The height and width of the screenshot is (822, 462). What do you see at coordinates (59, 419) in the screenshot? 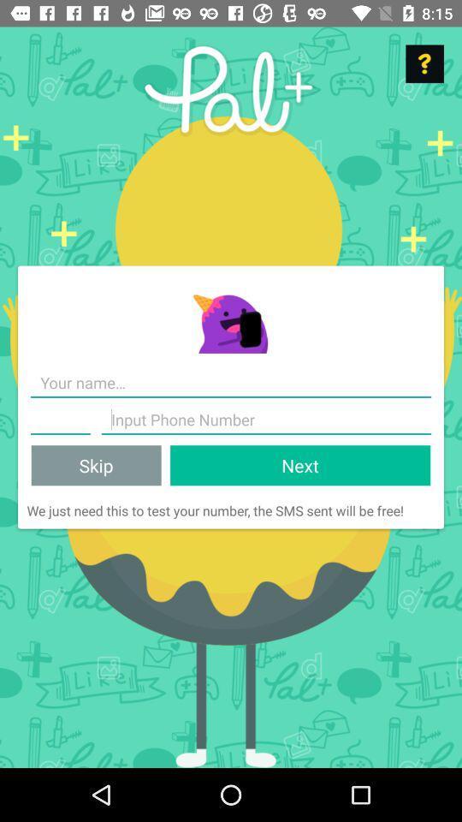
I see `type your phone number` at bounding box center [59, 419].